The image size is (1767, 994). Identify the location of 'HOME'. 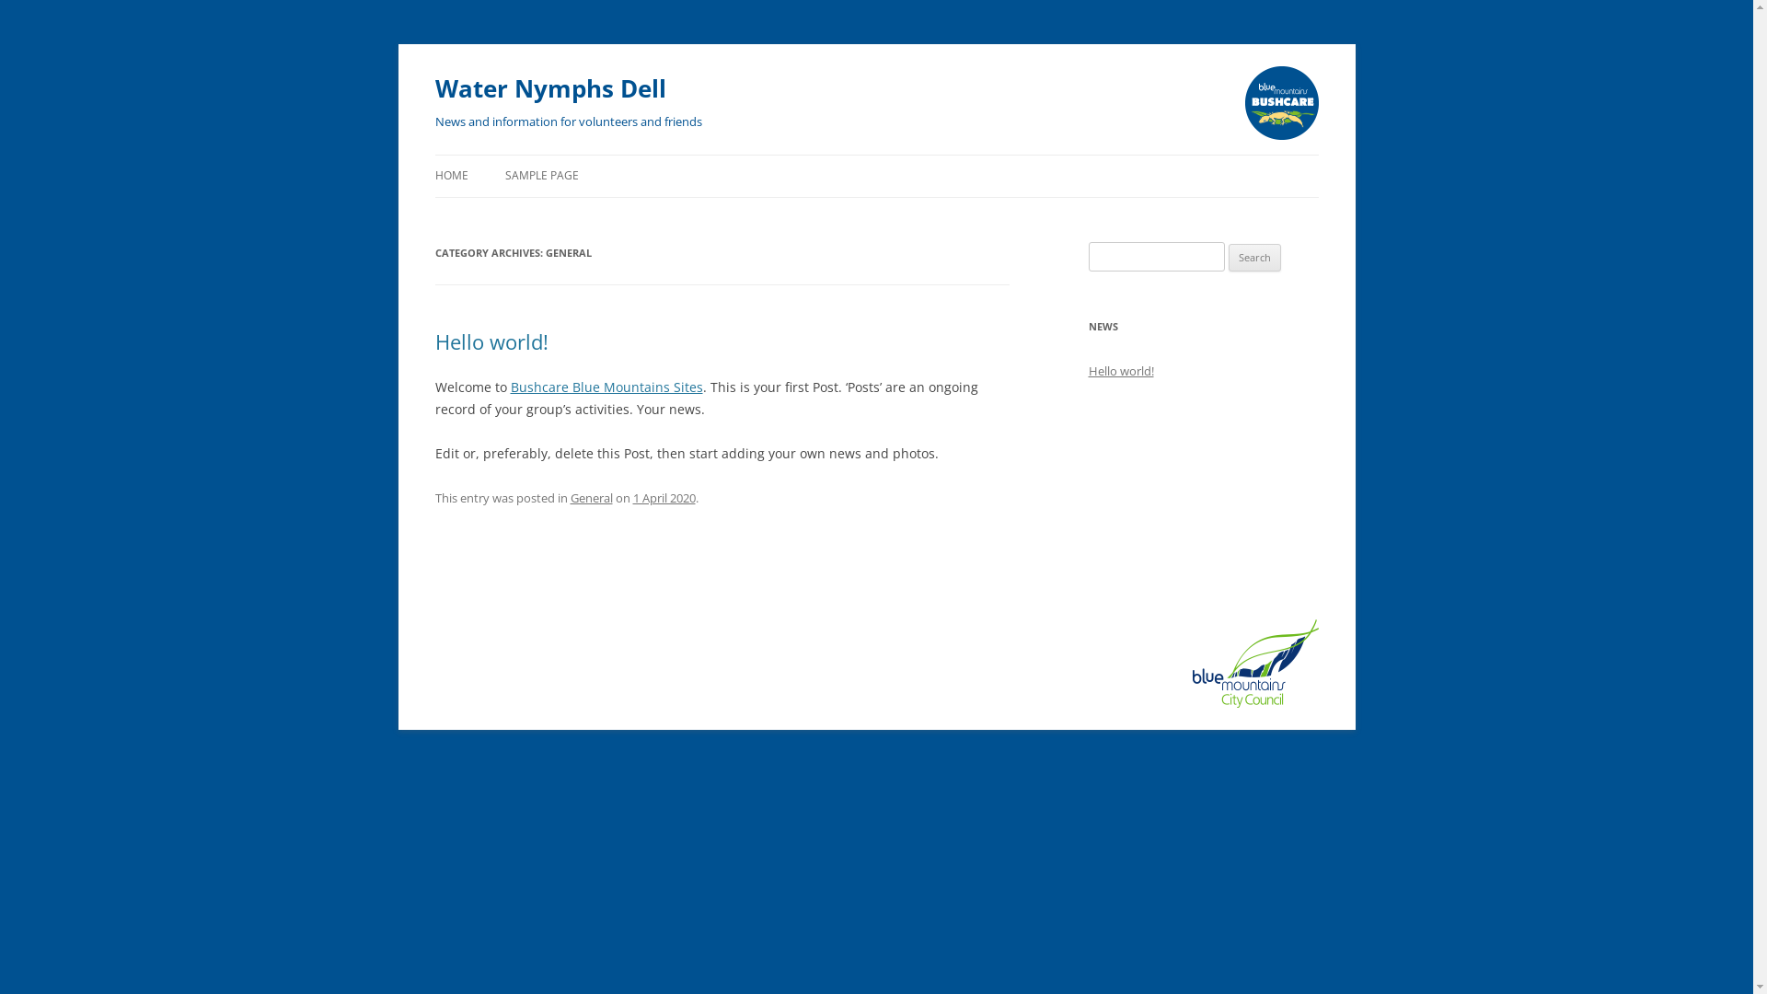
(450, 176).